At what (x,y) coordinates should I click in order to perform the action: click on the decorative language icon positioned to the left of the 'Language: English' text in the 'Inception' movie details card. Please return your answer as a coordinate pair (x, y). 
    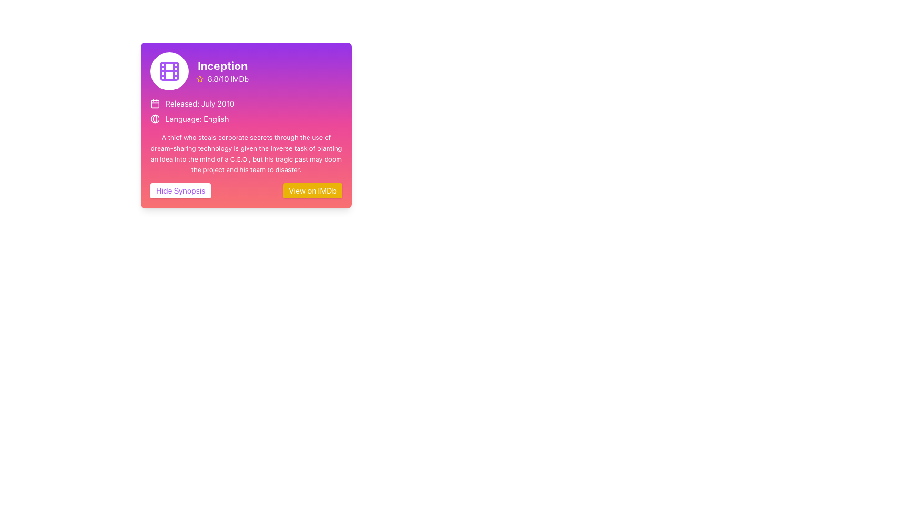
    Looking at the image, I should click on (155, 119).